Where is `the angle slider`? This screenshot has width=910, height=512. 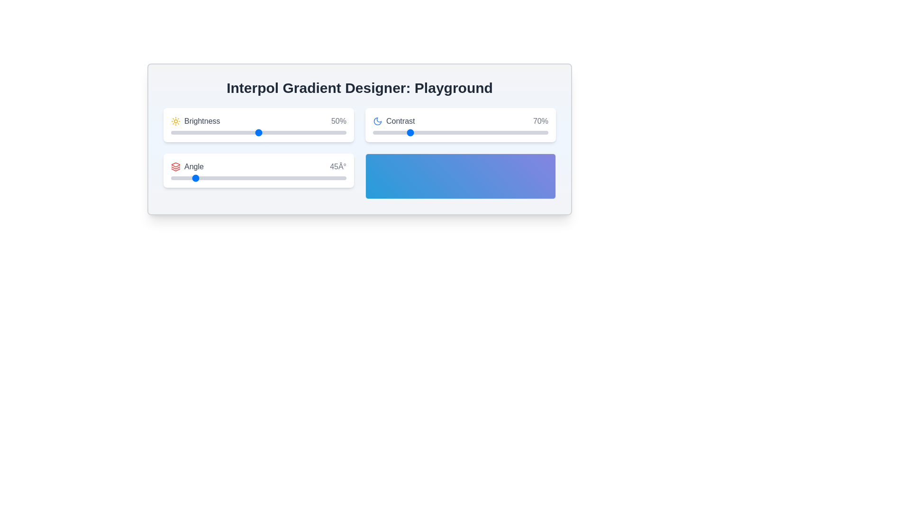 the angle slider is located at coordinates (309, 178).